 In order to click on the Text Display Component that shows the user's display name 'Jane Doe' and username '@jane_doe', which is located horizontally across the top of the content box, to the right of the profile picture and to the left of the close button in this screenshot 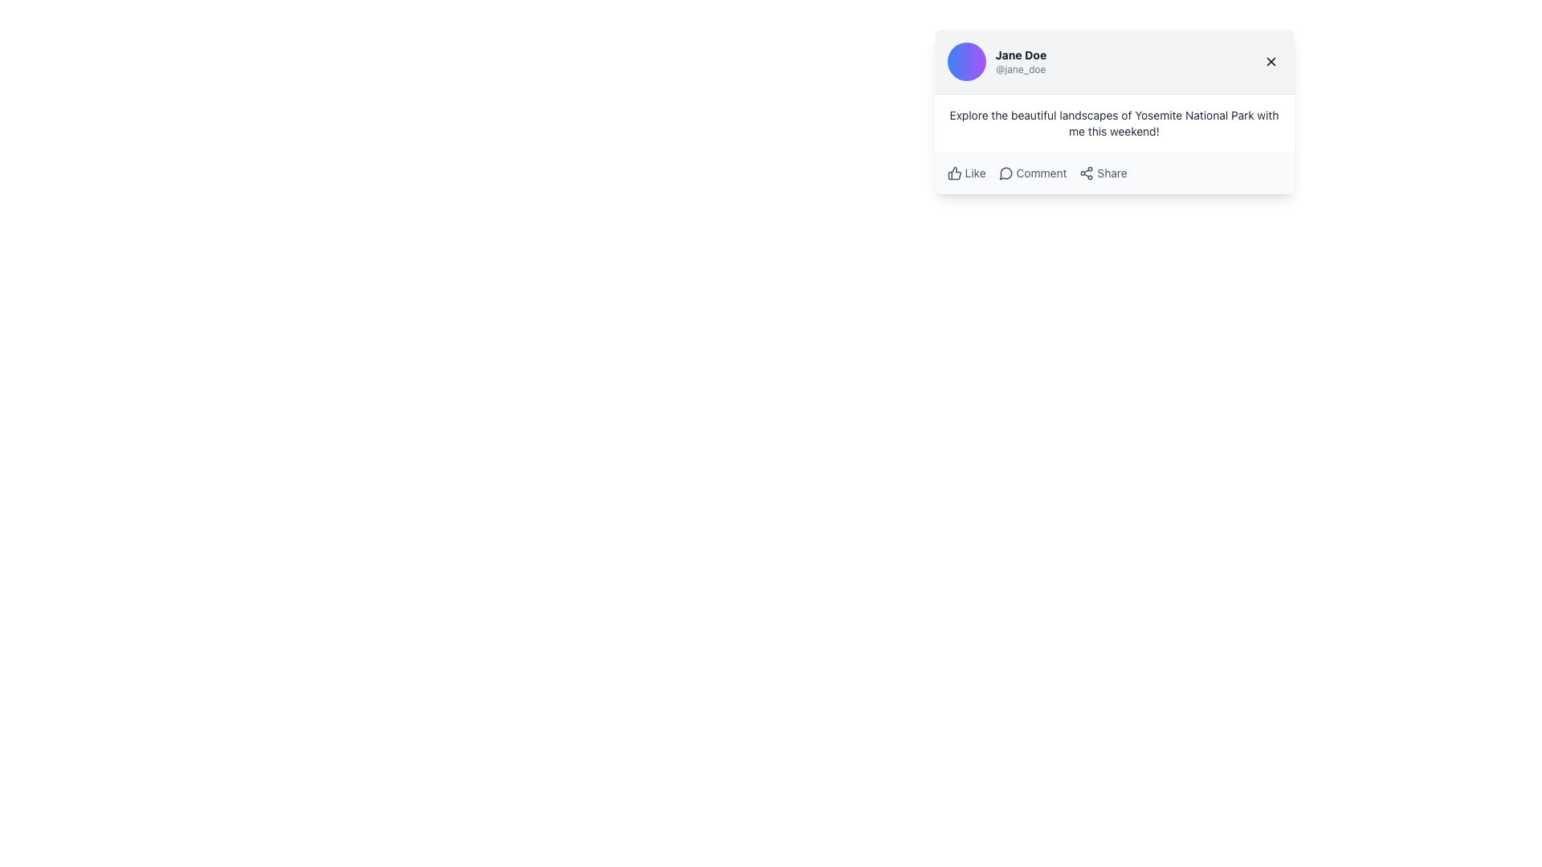, I will do `click(1020, 61)`.